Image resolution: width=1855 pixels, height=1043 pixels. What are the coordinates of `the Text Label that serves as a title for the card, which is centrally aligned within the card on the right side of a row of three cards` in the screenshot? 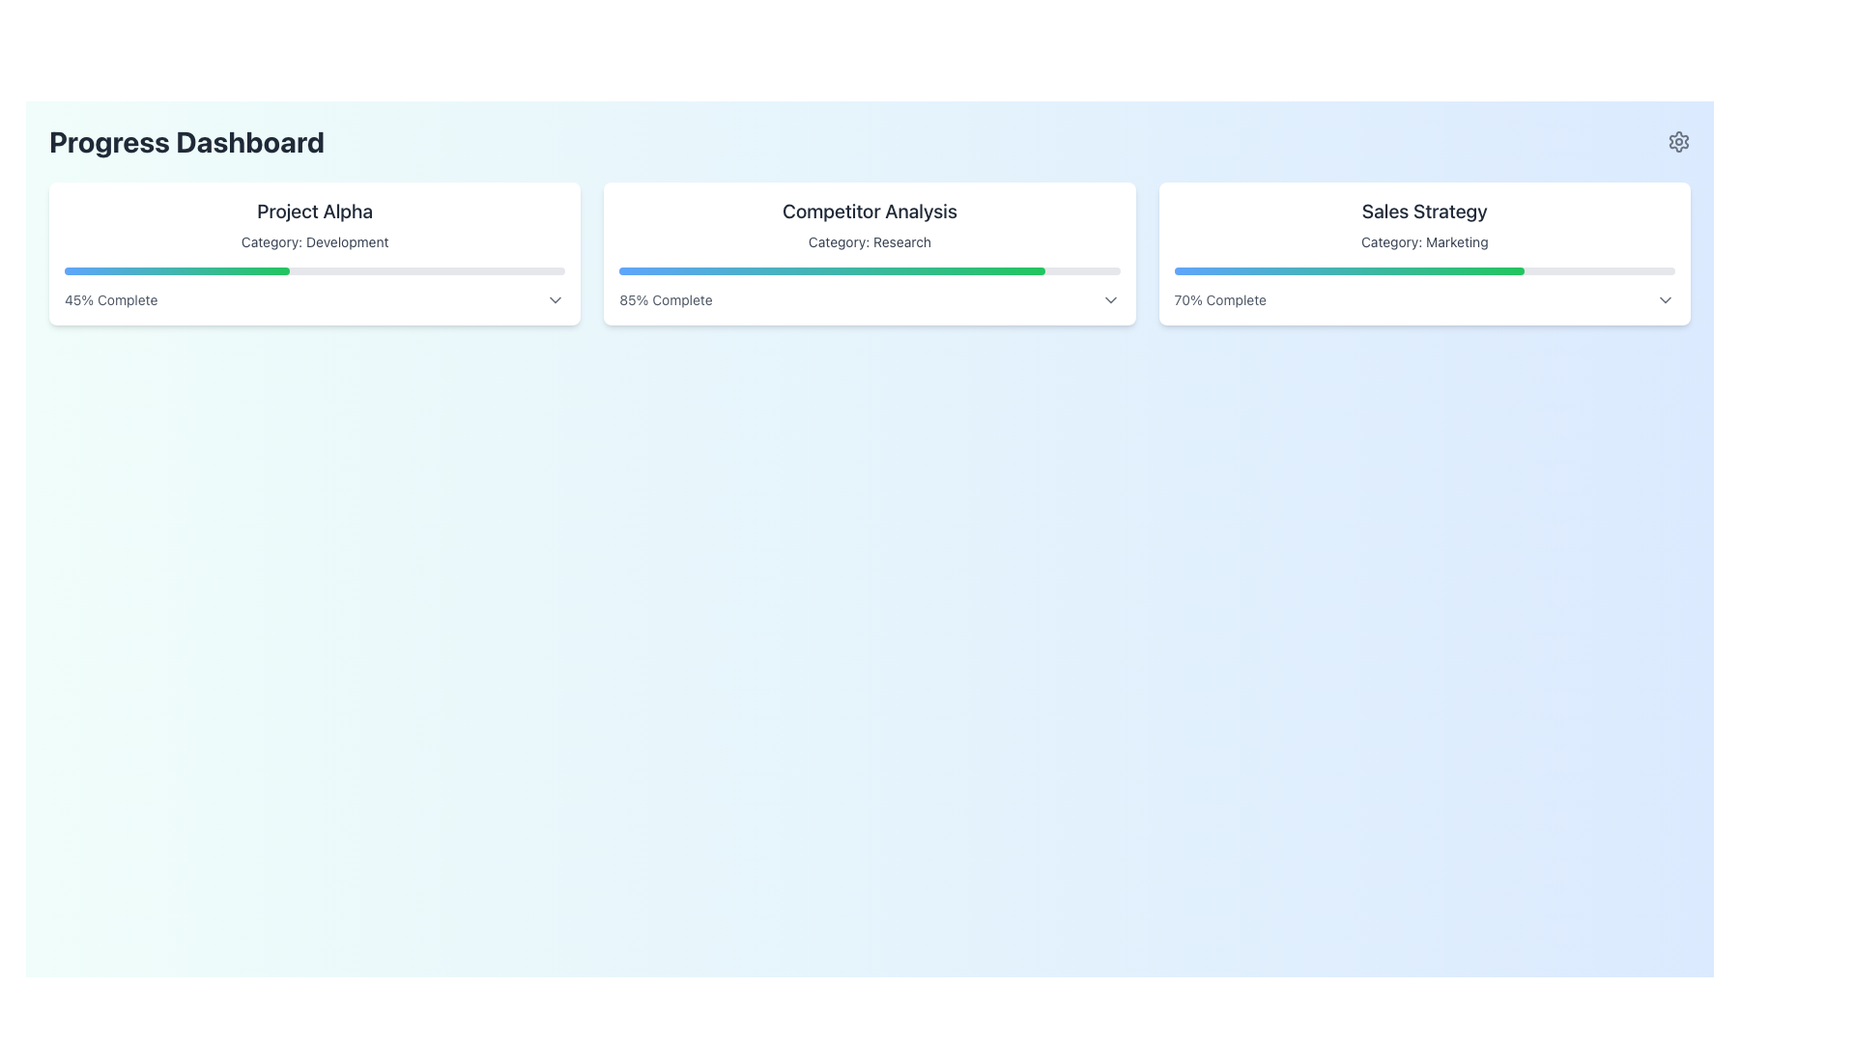 It's located at (1424, 211).